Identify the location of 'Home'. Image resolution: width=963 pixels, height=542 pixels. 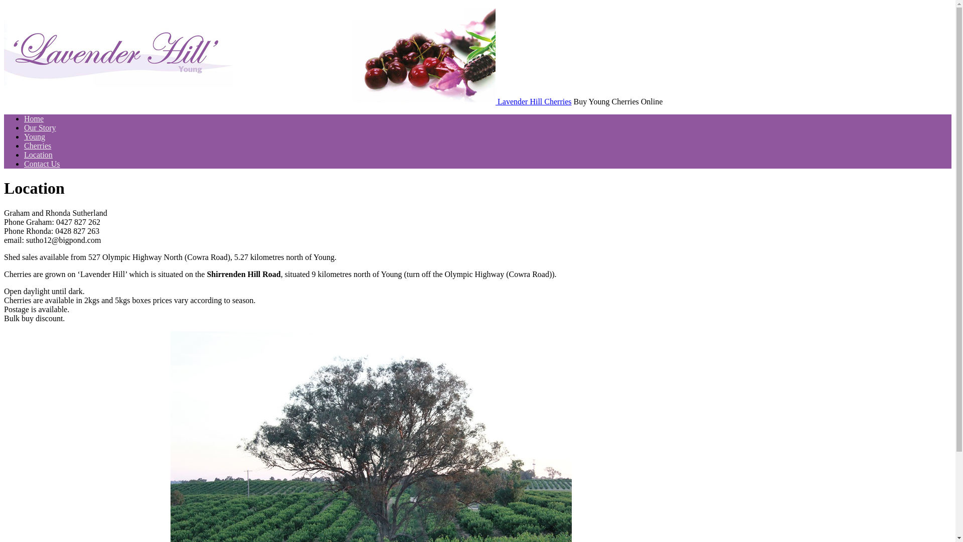
(34, 118).